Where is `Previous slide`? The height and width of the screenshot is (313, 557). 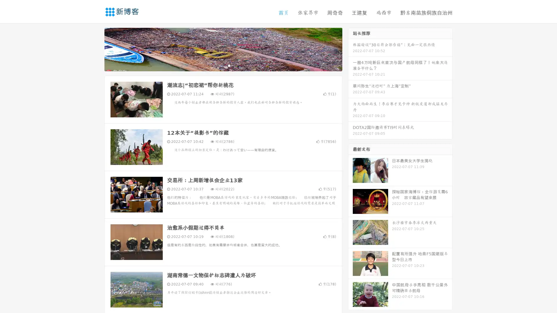
Previous slide is located at coordinates (96, 49).